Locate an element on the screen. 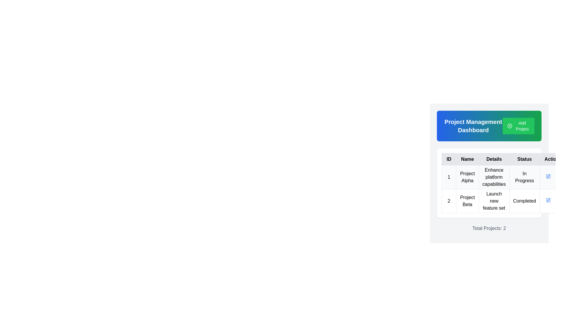 Image resolution: width=566 pixels, height=318 pixels. text displayed as 'Project Beta' in the second row of the table's 'Name' column, which is styled with a bold font and bordered rectangular cell is located at coordinates (467, 201).